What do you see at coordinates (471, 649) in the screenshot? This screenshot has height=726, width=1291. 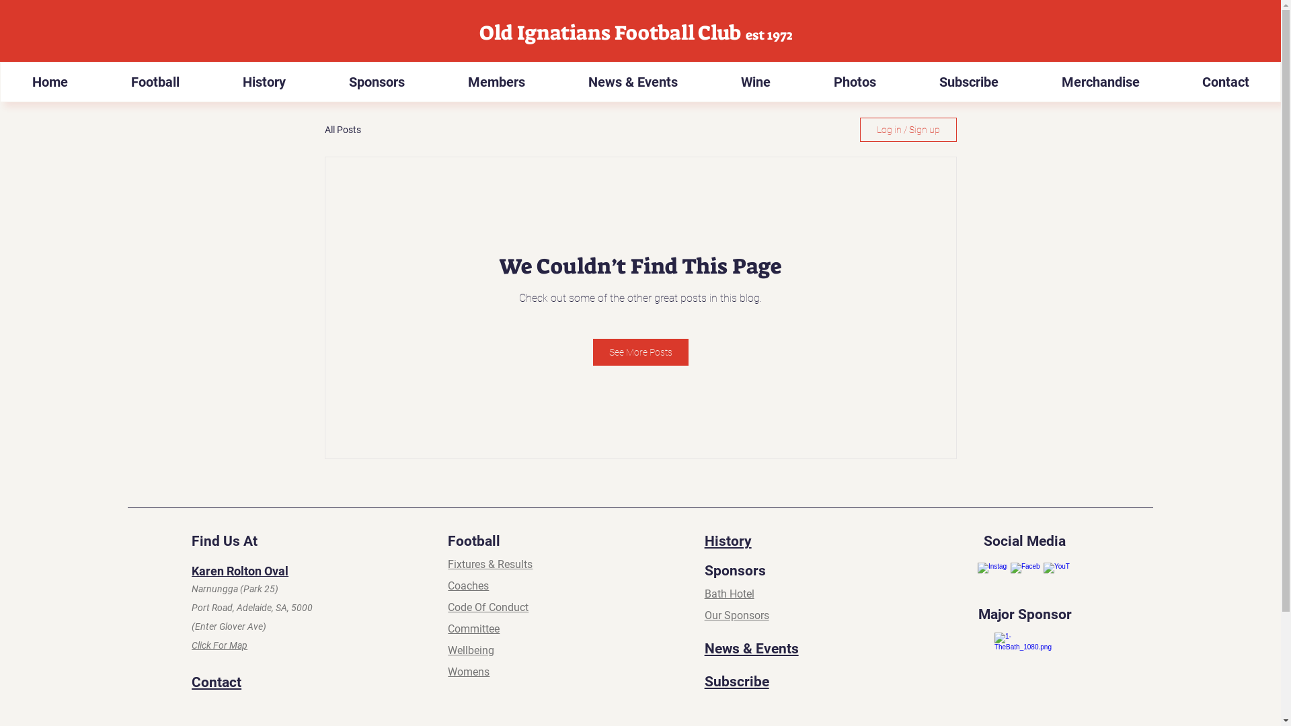 I see `'Wellbeing'` at bounding box center [471, 649].